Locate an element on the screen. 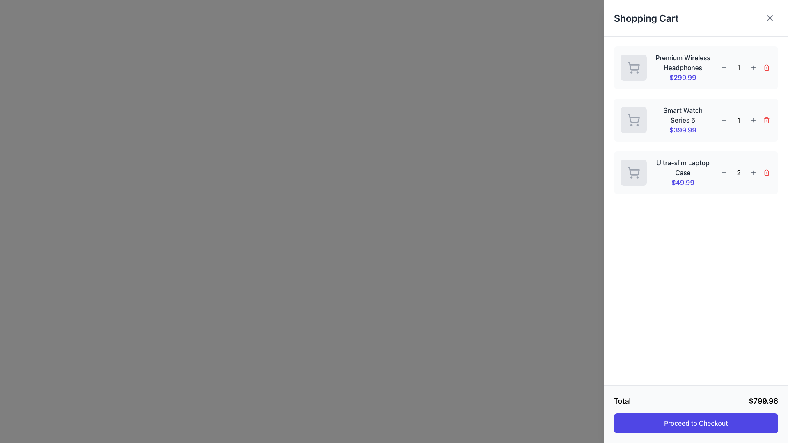 The width and height of the screenshot is (788, 443). the compact, square-shaped button with a light gray background and centered minus sign ('-') is located at coordinates (724, 172).